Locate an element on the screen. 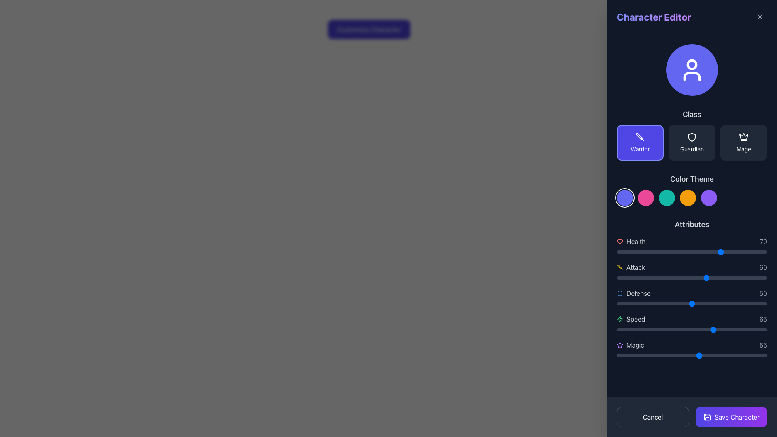  health value is located at coordinates (663, 252).